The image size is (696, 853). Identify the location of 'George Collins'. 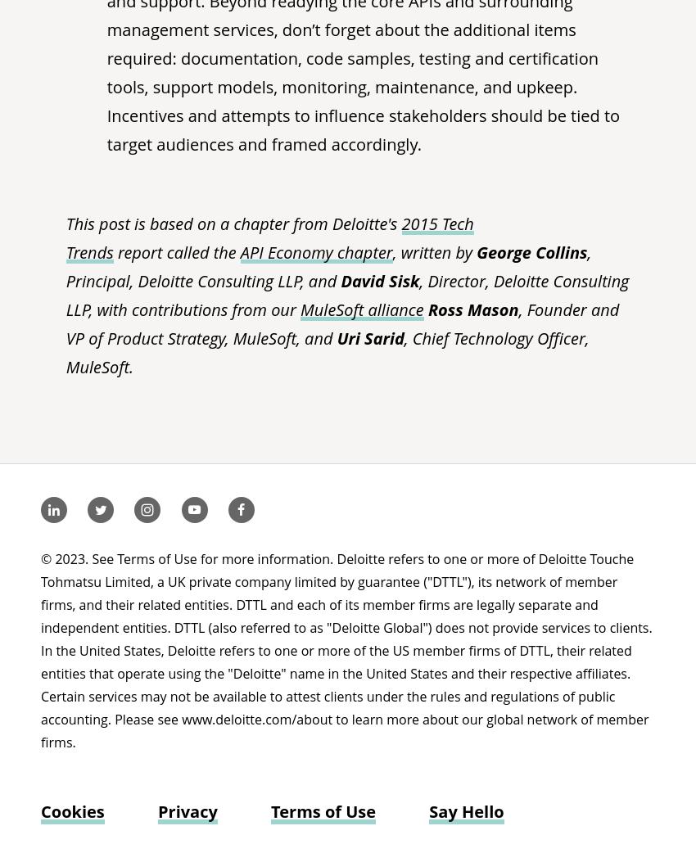
(531, 252).